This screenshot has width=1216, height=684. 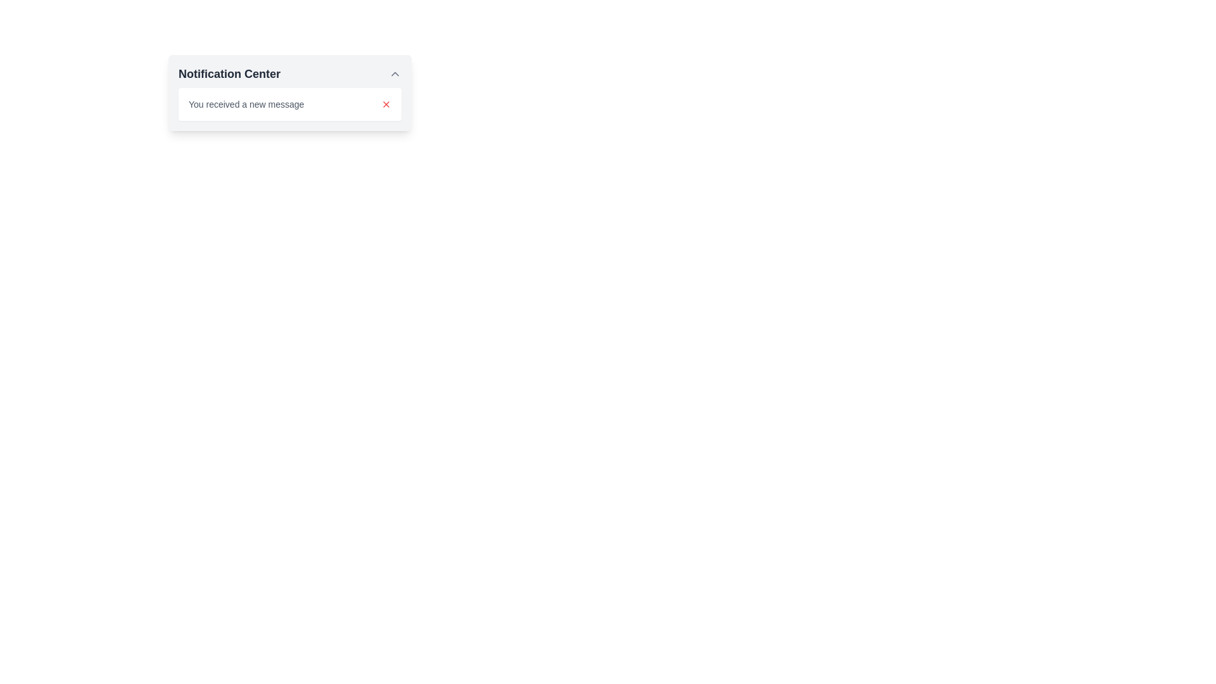 I want to click on the toggle button in the upper-right corner of the 'Notification Center' header to minimize or collapse the section, so click(x=395, y=73).